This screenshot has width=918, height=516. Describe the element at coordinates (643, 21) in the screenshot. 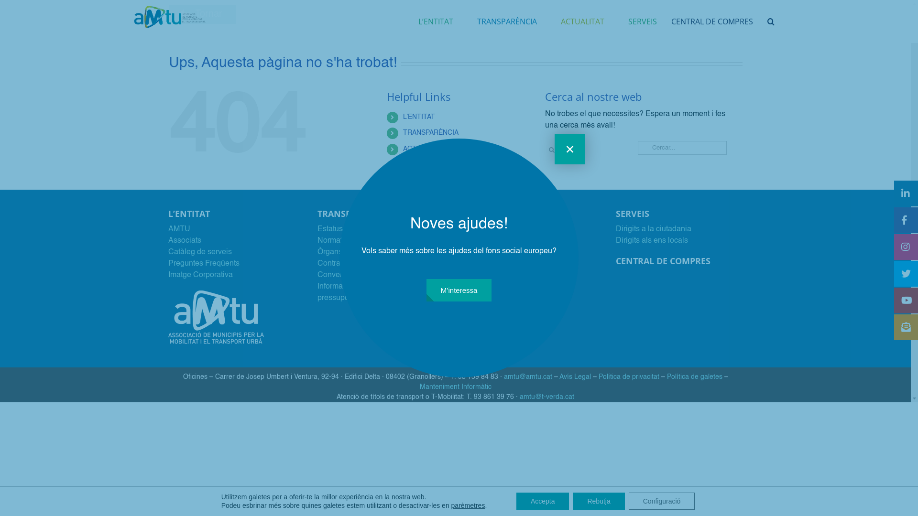

I see `'SERVEIS'` at that location.